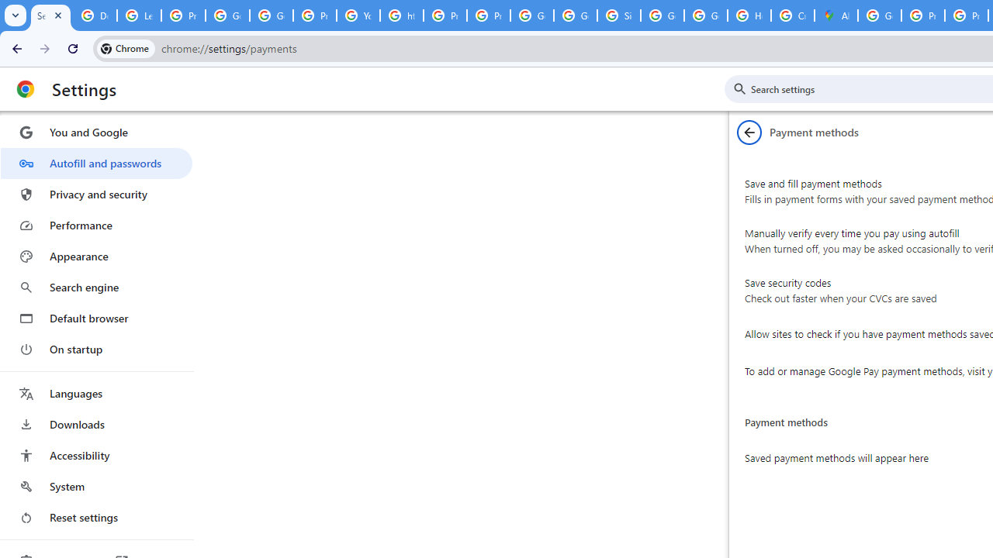 The height and width of the screenshot is (558, 993). What do you see at coordinates (445, 15) in the screenshot?
I see `'Privacy Help Center - Policies Help'` at bounding box center [445, 15].